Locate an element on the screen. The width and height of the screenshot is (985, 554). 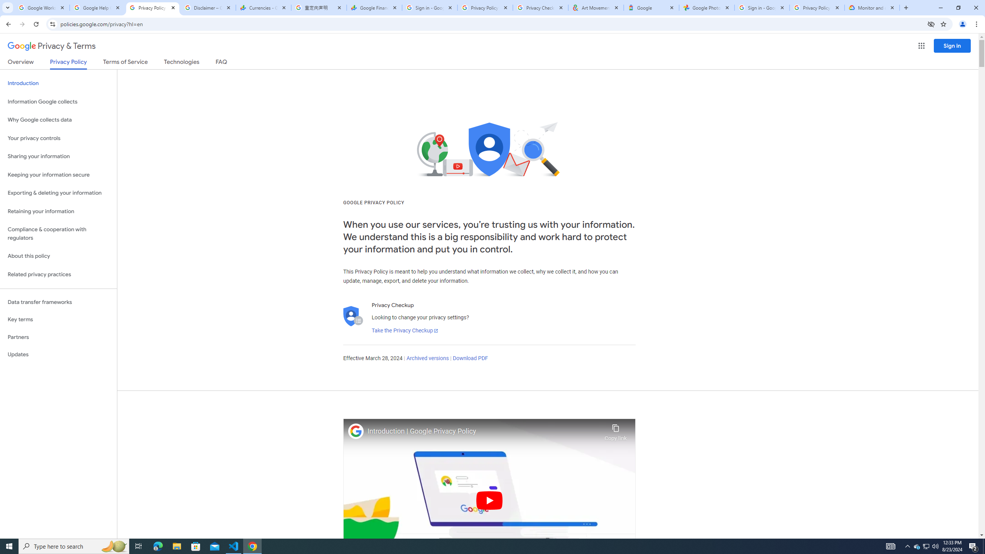
'Sharing your information' is located at coordinates (58, 156).